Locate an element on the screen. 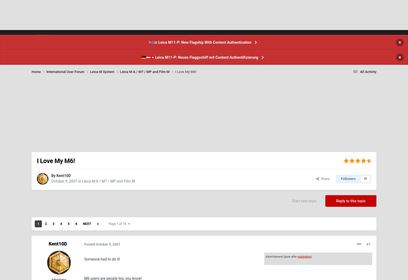 The image size is (408, 280). '58' is located at coordinates (60, 7).